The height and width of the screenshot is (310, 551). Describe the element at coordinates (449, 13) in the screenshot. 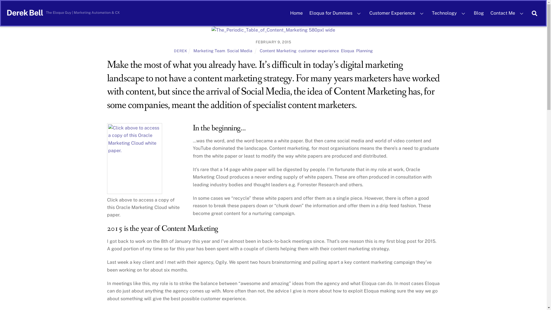

I see `'Technology'` at that location.